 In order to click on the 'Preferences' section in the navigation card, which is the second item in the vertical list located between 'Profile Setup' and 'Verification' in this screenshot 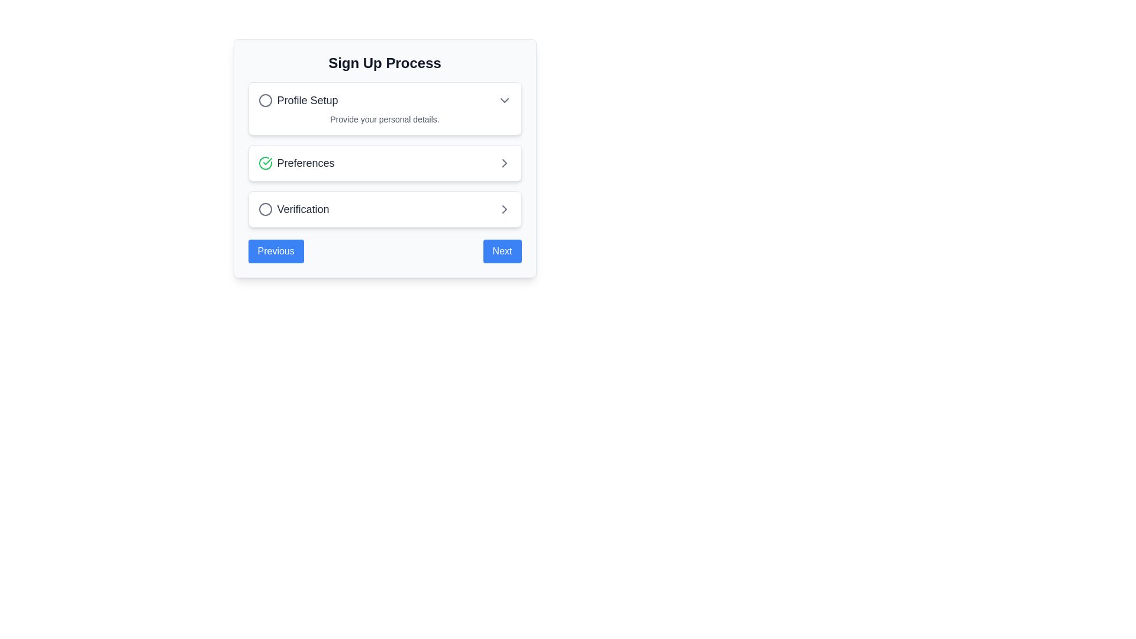, I will do `click(385, 163)`.